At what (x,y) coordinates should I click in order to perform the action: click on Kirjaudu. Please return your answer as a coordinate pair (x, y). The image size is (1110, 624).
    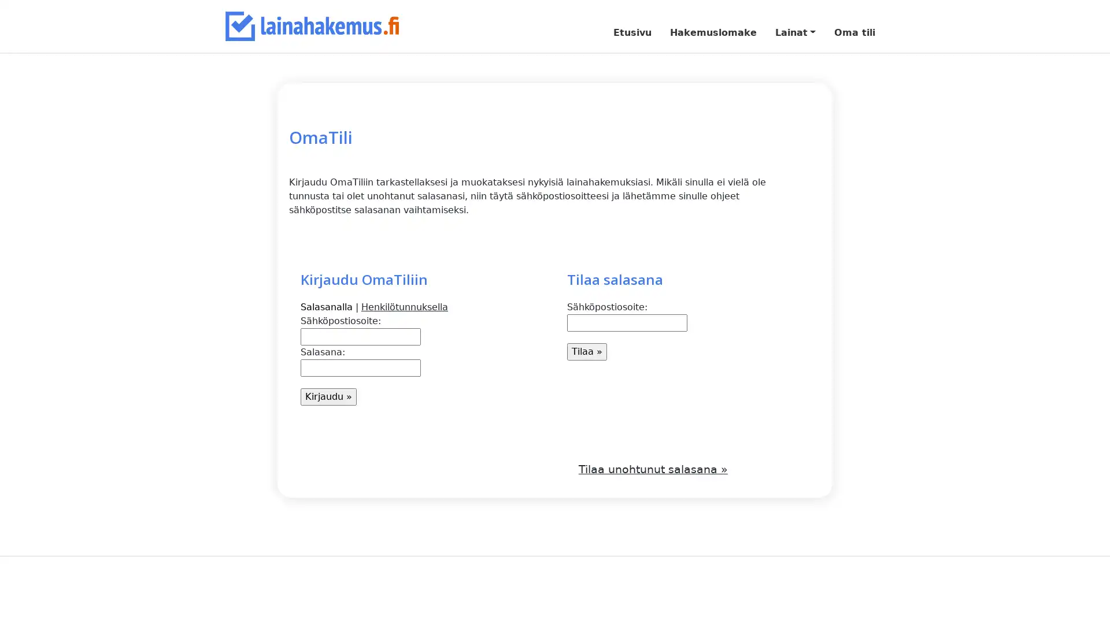
    Looking at the image, I should click on (328, 396).